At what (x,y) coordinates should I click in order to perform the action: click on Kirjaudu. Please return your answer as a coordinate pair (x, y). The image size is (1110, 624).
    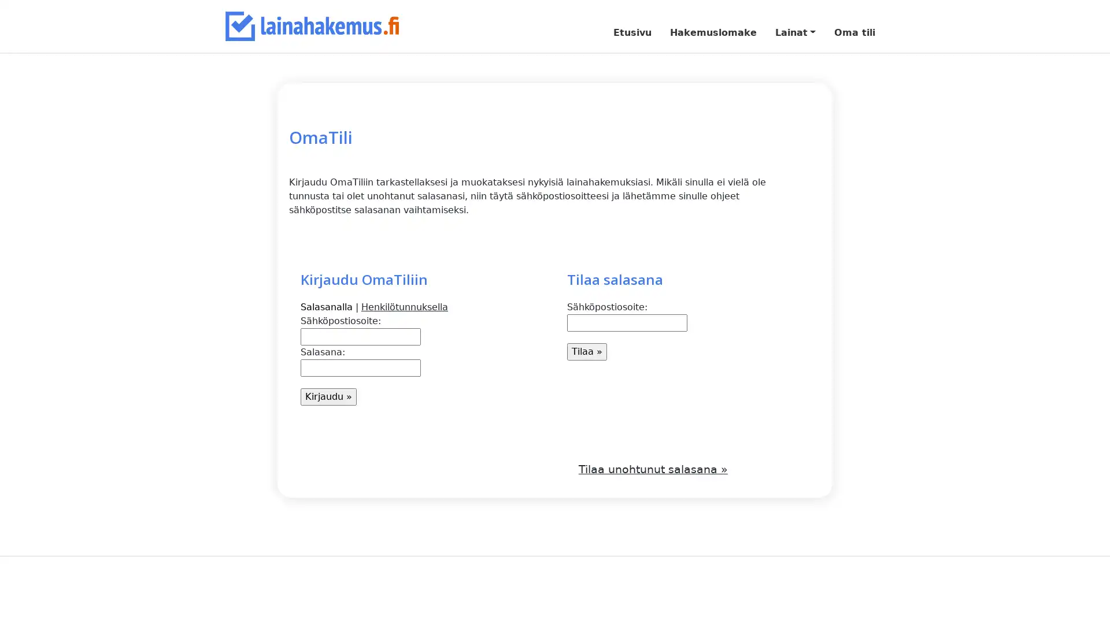
    Looking at the image, I should click on (328, 396).